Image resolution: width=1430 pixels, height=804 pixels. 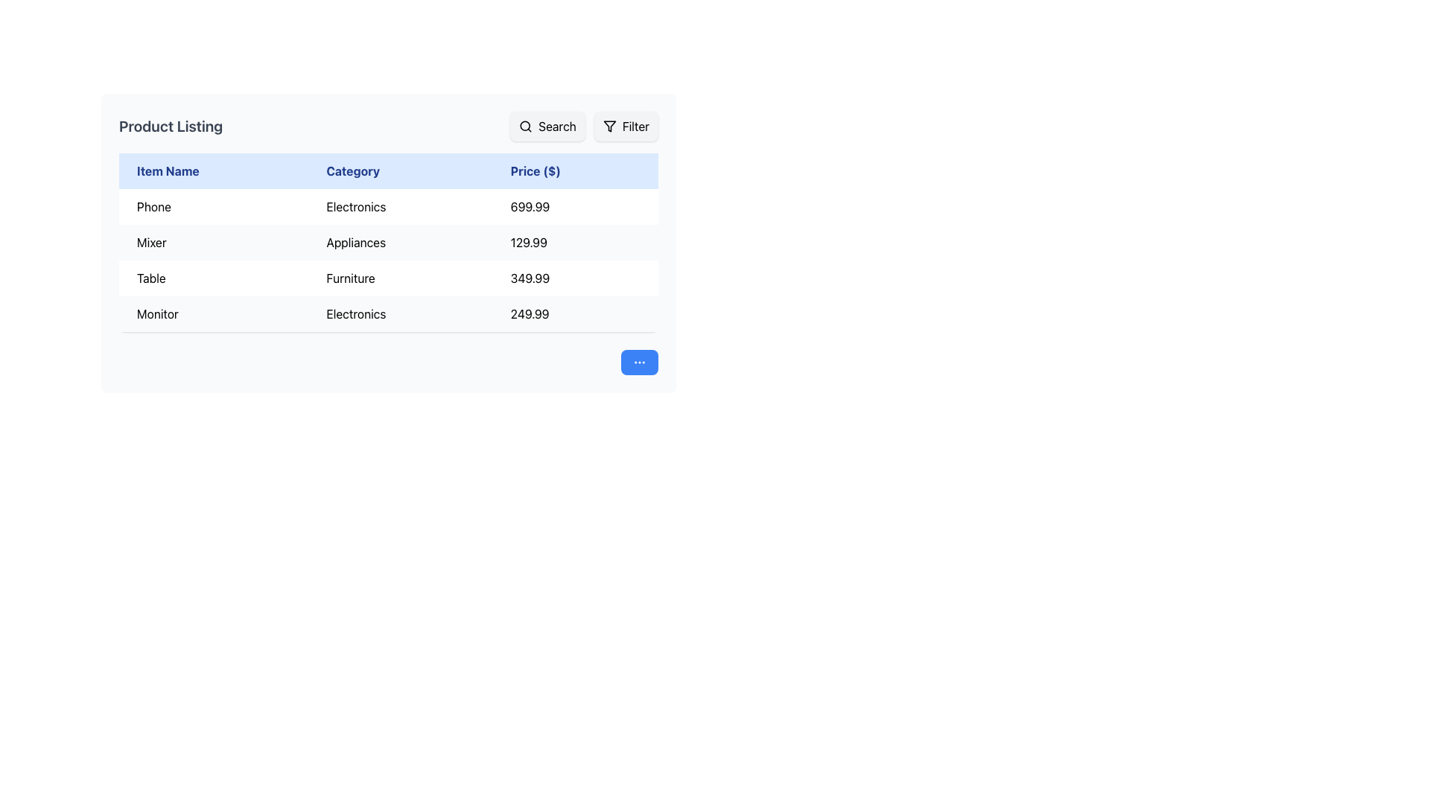 What do you see at coordinates (609, 125) in the screenshot?
I see `the filter icon located inside the 'Filter' button at the top-right corner of the interface, which signifies its filtering functionality` at bounding box center [609, 125].